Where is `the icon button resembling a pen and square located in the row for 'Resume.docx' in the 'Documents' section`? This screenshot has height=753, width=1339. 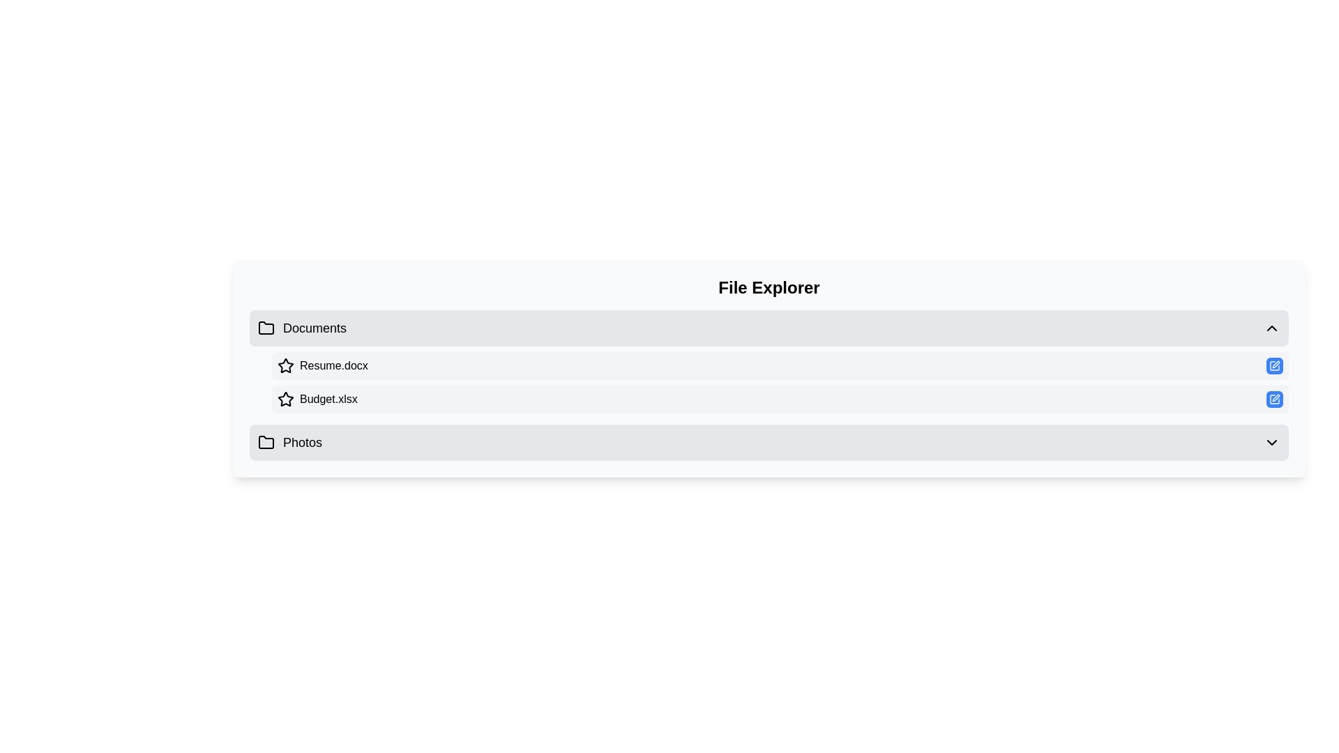 the icon button resembling a pen and square located in the row for 'Resume.docx' in the 'Documents' section is located at coordinates (1276, 364).